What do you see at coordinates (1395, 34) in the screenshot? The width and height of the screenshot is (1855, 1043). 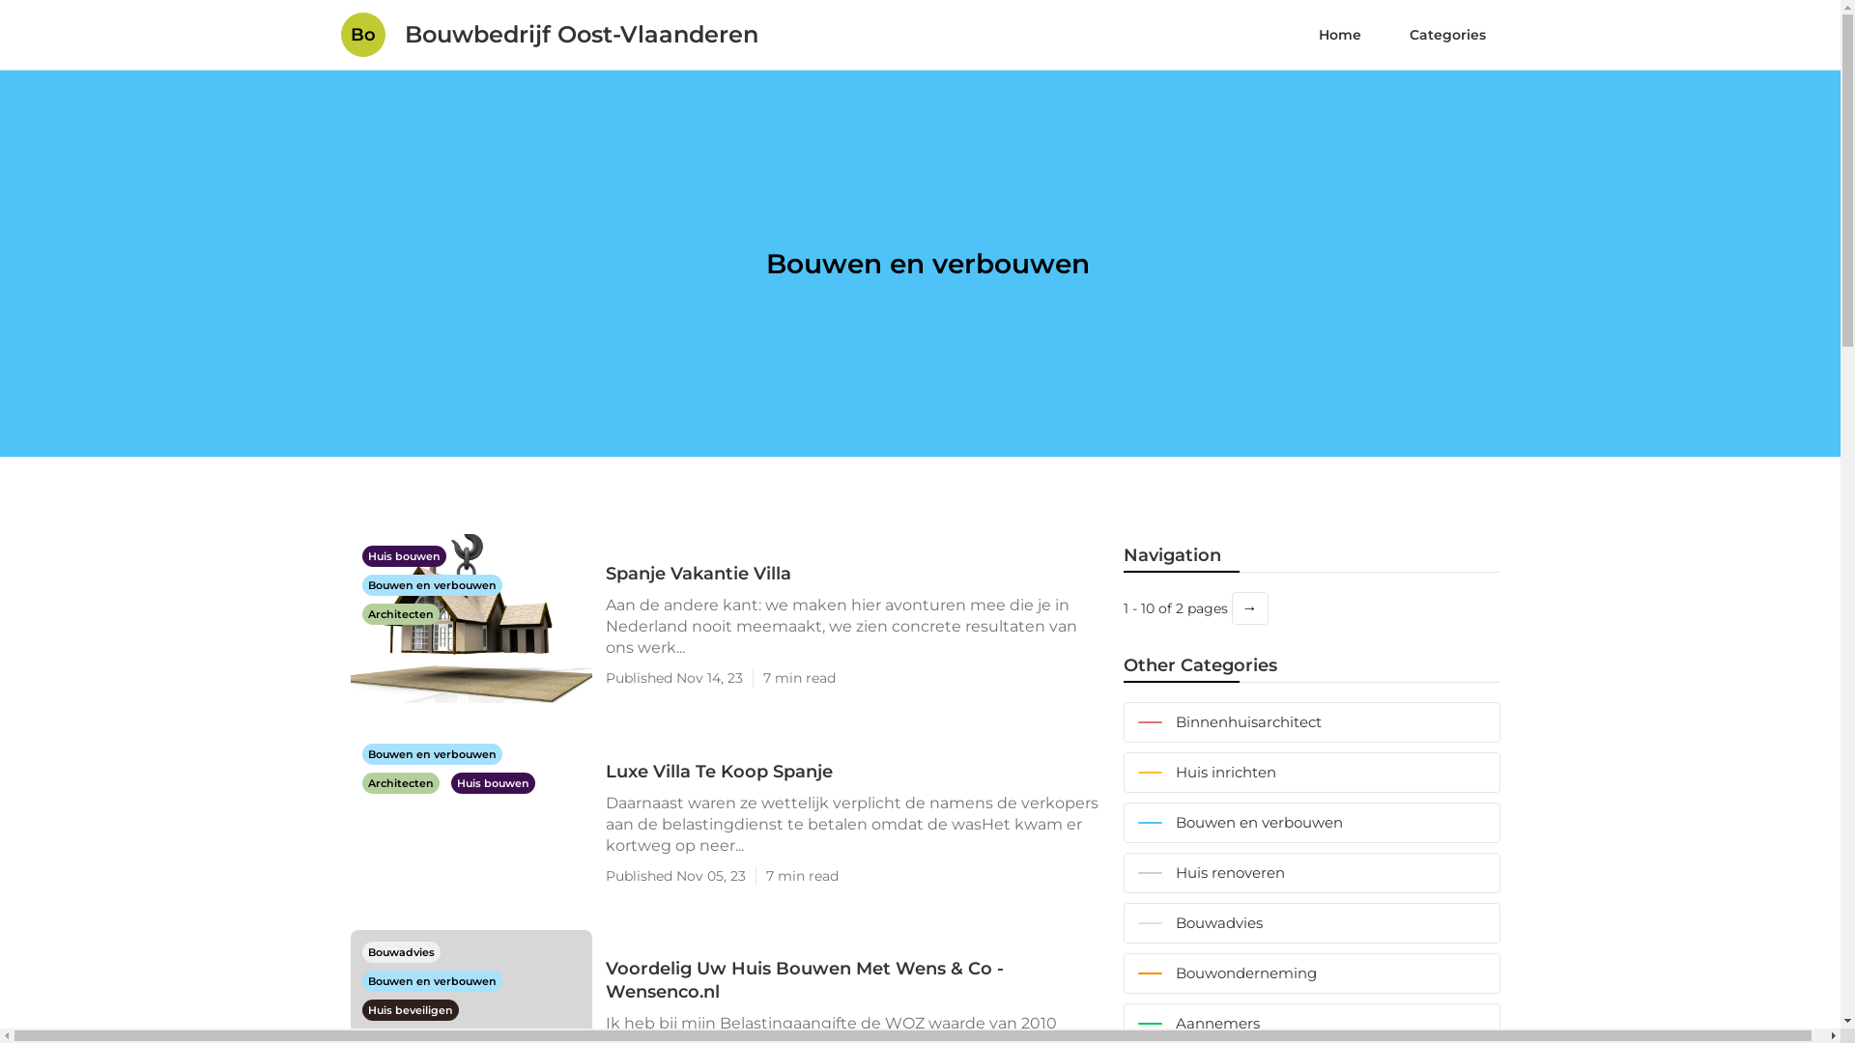 I see `'Categories'` at bounding box center [1395, 34].